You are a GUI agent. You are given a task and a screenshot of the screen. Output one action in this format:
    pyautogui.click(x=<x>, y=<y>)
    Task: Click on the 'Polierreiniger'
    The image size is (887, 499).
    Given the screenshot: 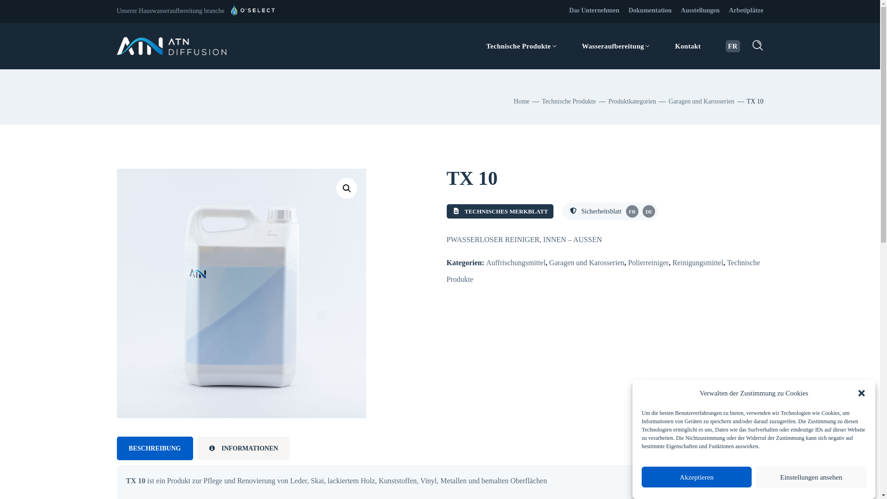 What is the action you would take?
    pyautogui.click(x=627, y=262)
    